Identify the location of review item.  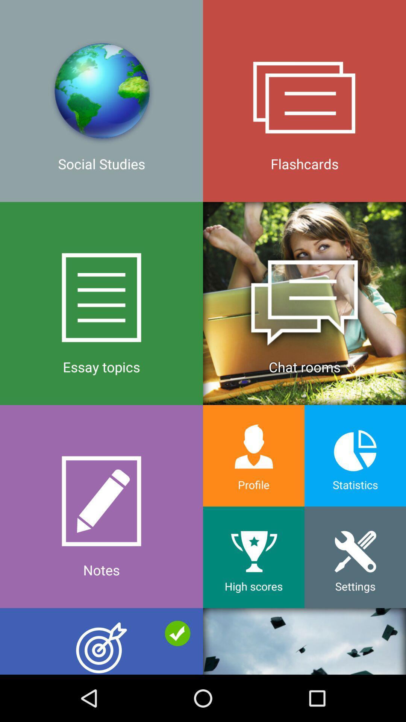
(101, 641).